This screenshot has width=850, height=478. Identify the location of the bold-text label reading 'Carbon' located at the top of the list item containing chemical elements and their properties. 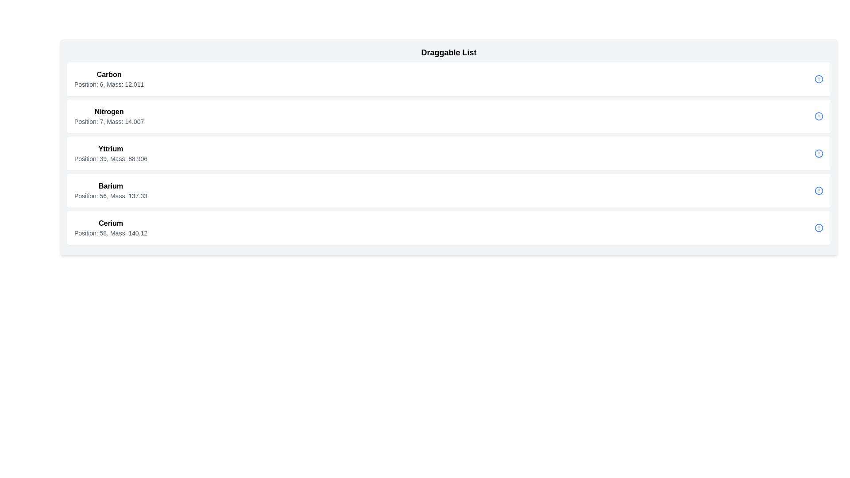
(108, 74).